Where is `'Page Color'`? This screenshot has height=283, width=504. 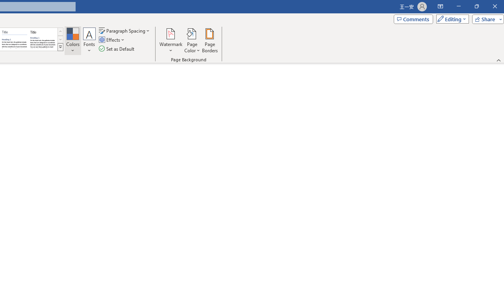 'Page Color' is located at coordinates (192, 40).